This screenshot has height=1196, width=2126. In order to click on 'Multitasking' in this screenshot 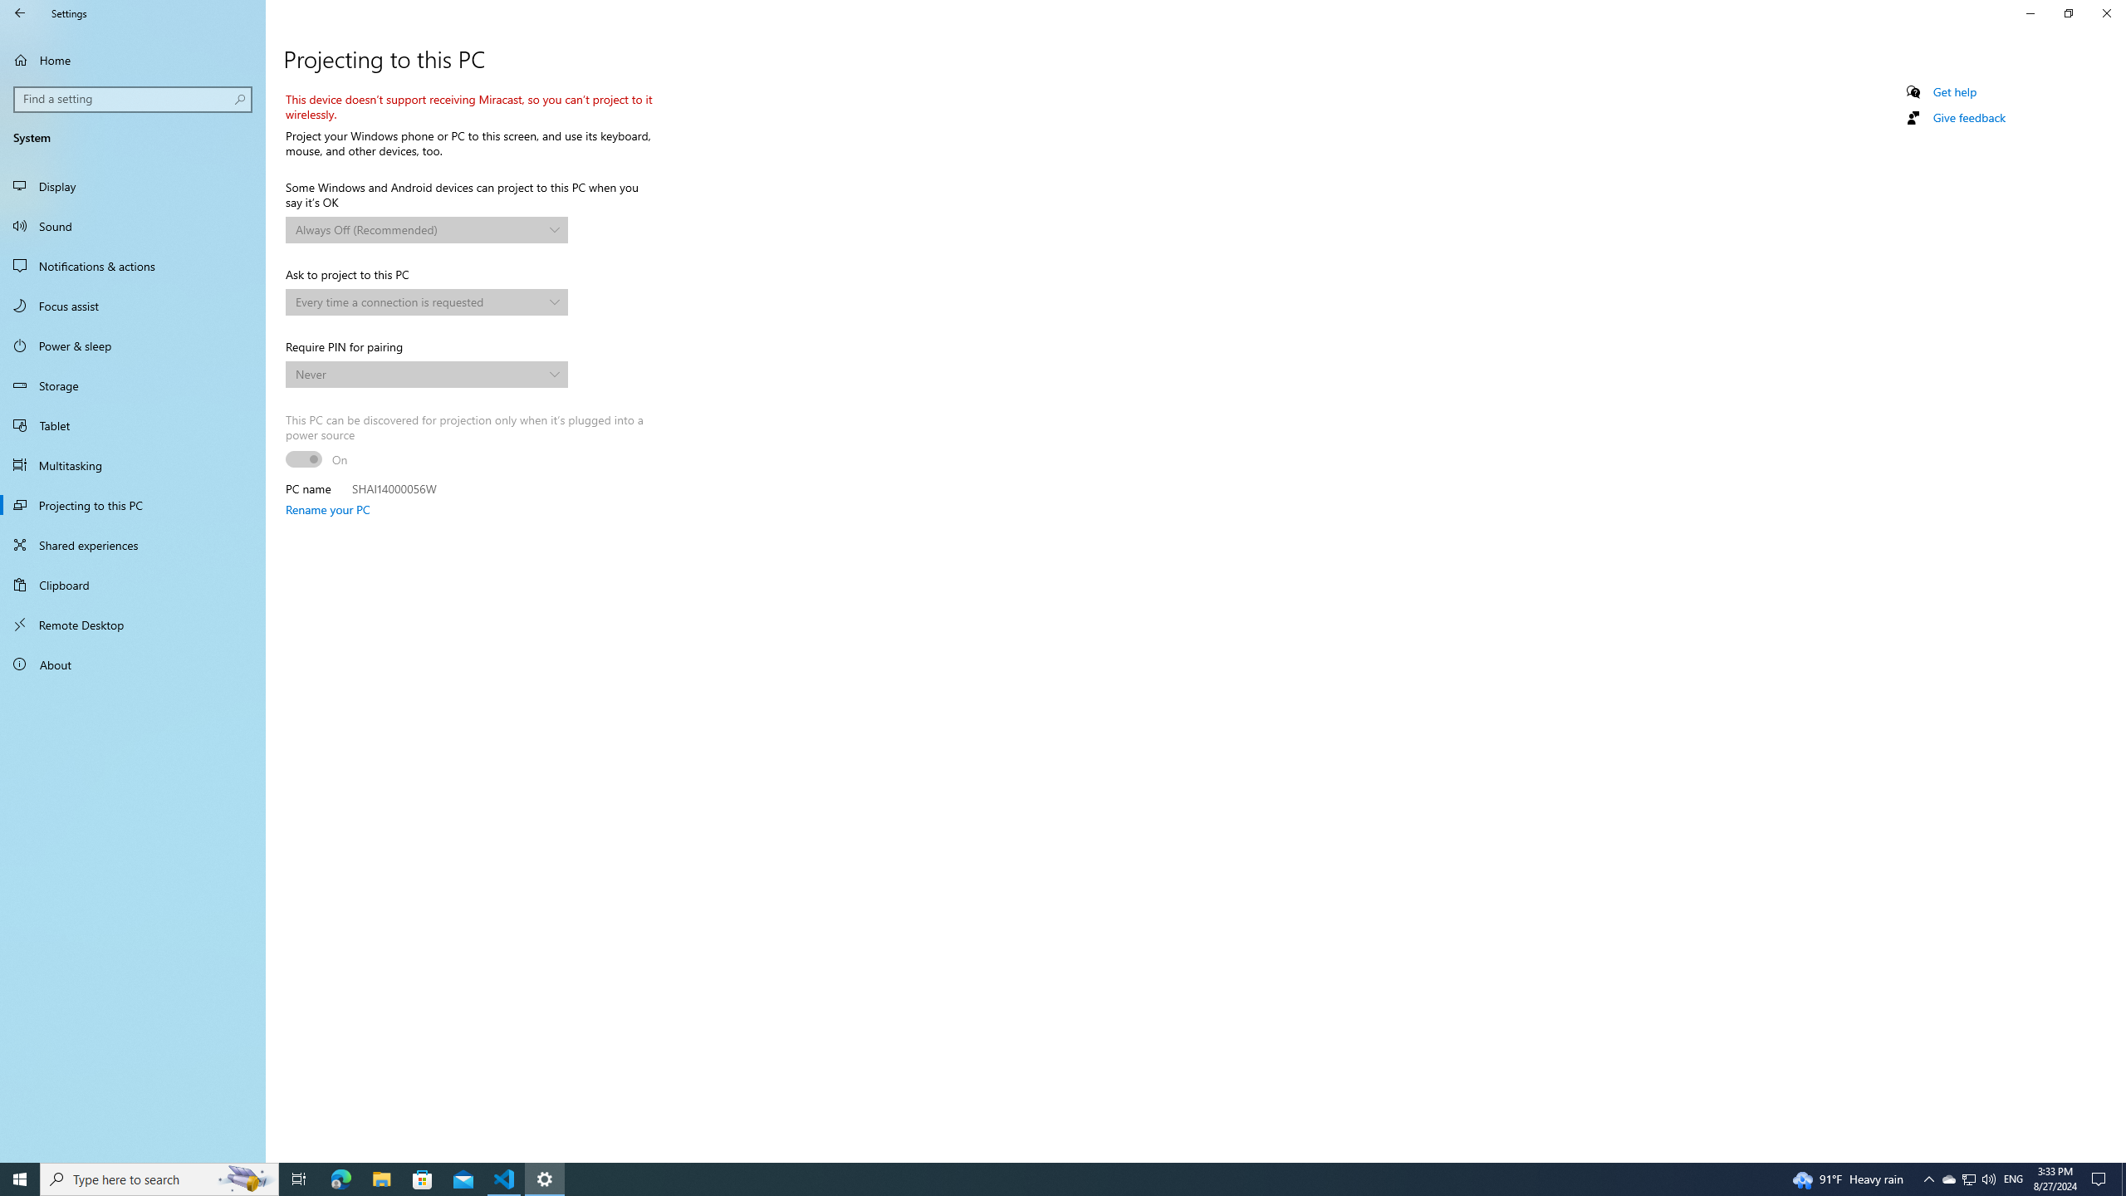, I will do `click(132, 464)`.